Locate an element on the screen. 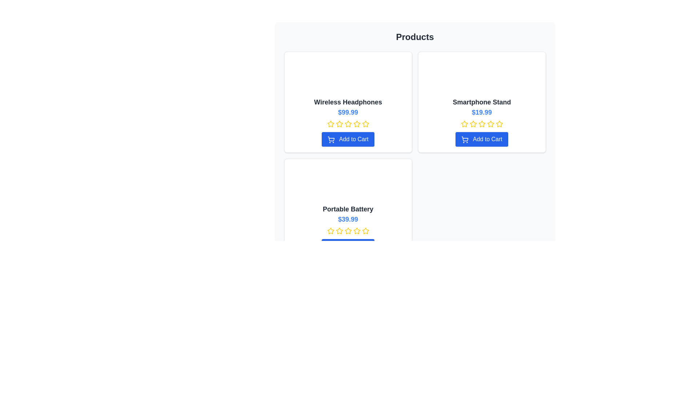  the blue shopping cart icon located to the left of the 'Add to Cart' text within the blue button is located at coordinates (465, 139).